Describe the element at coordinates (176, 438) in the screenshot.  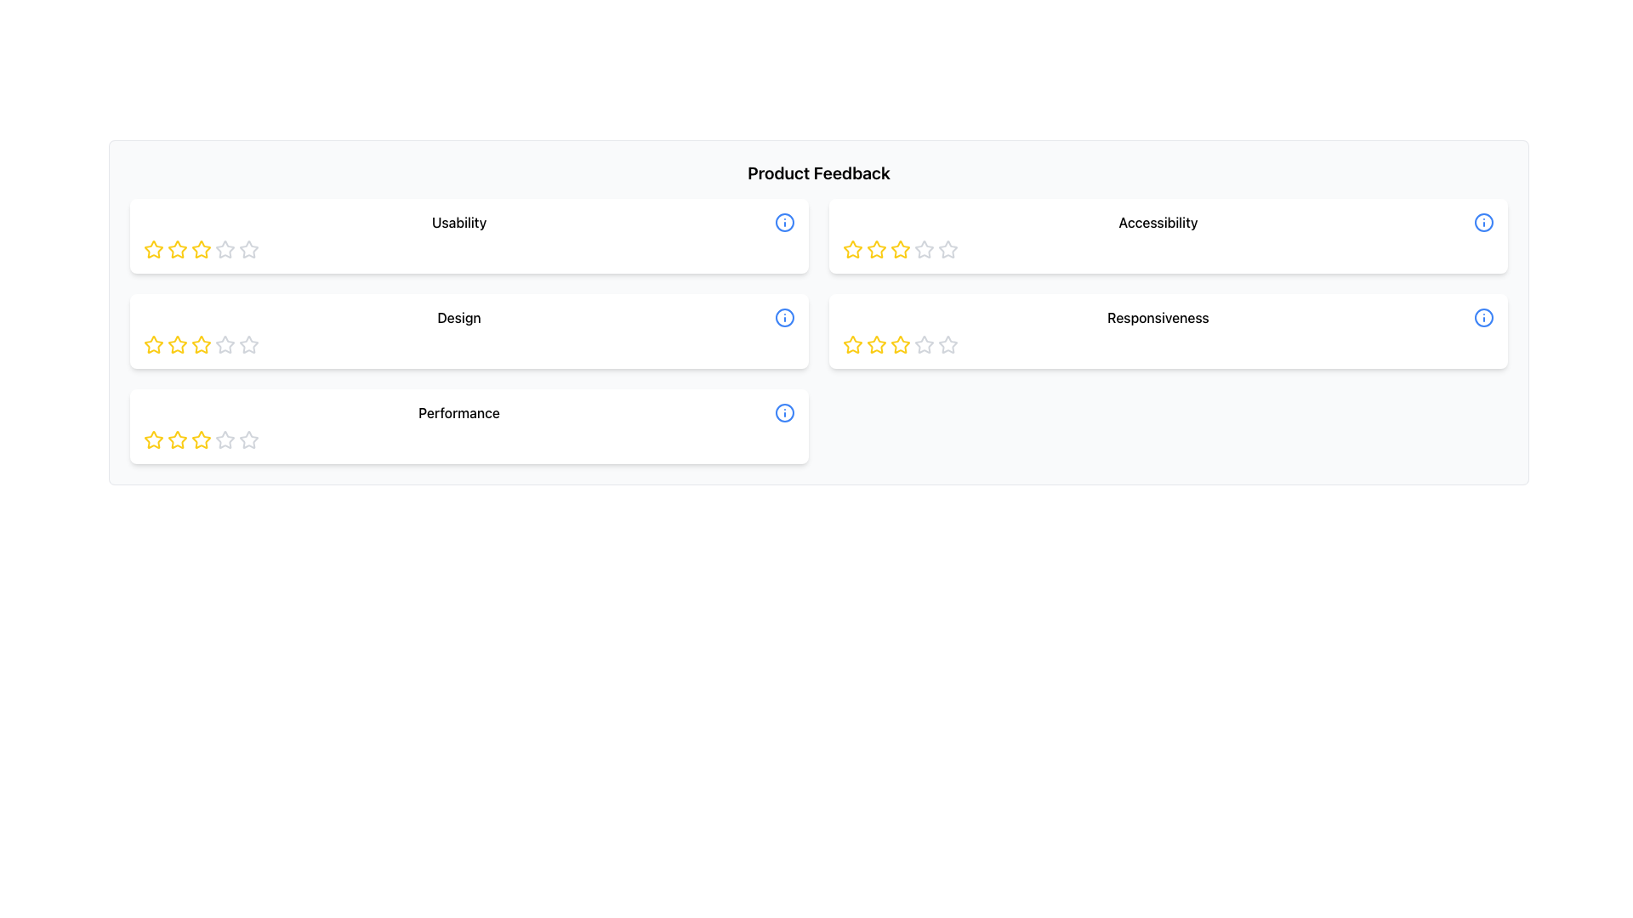
I see `the first yellow star icon in the row under the 'Performance' category` at that location.